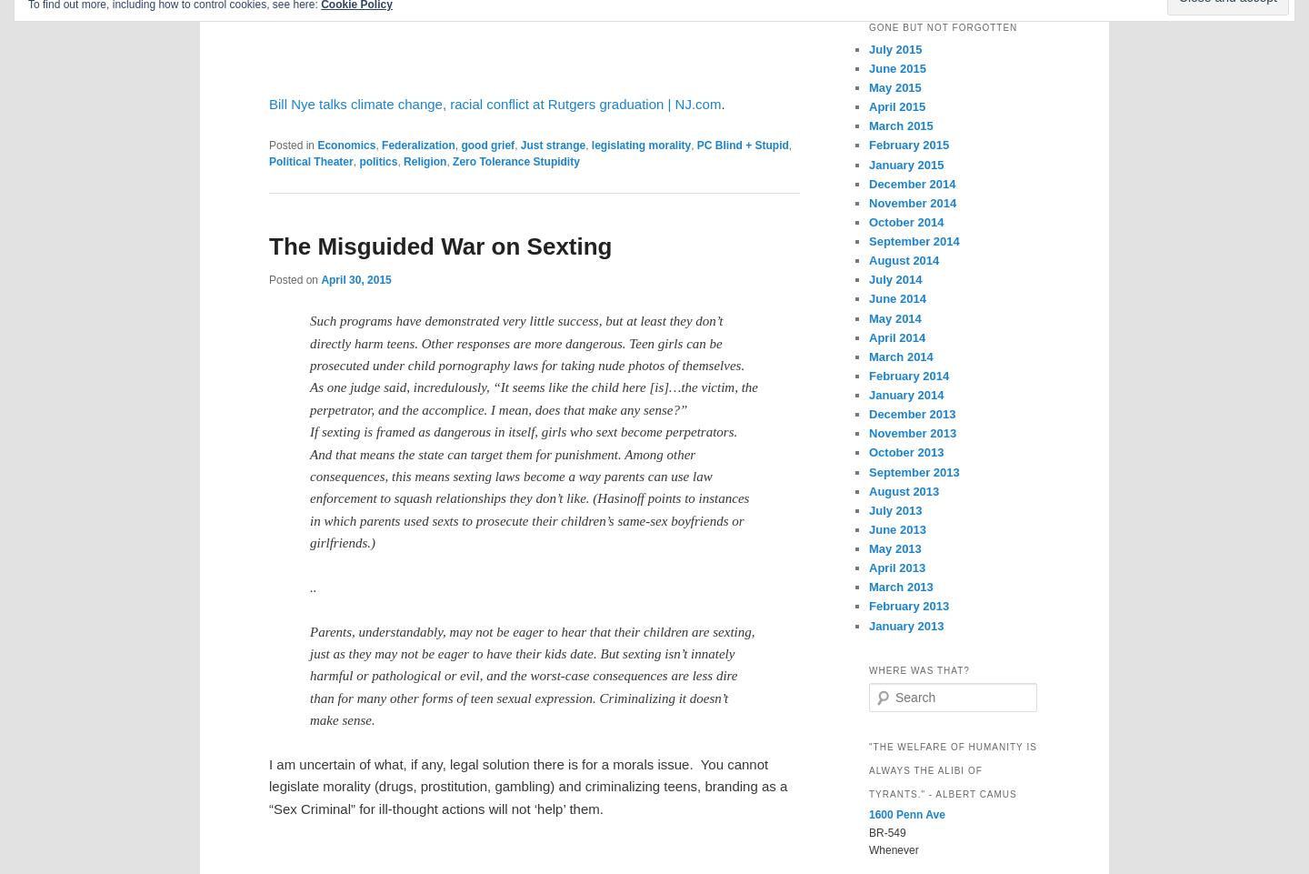  Describe the element at coordinates (723, 102) in the screenshot. I see `'.'` at that location.